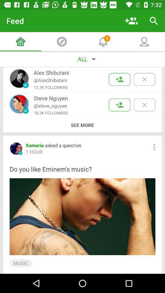 The height and width of the screenshot is (293, 165). What do you see at coordinates (154, 147) in the screenshot?
I see `open menu` at bounding box center [154, 147].